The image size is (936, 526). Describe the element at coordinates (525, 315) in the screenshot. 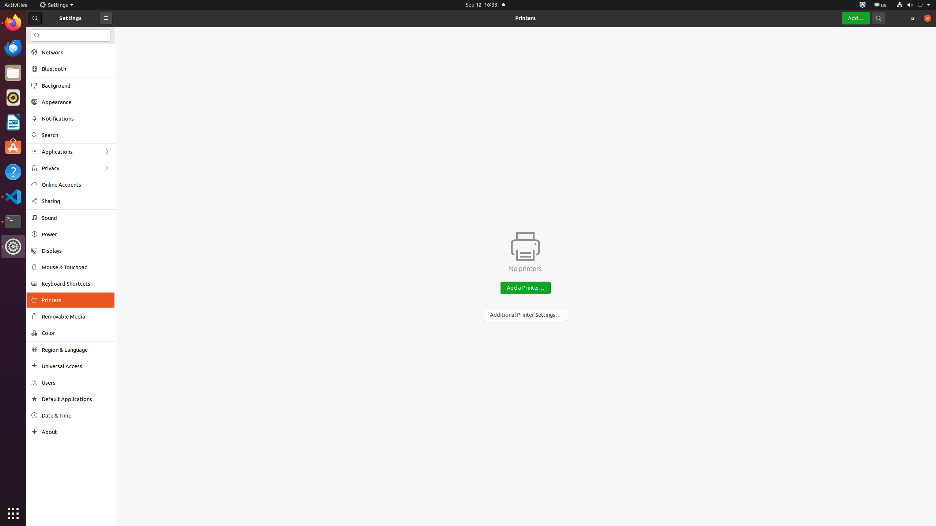

I see `'Additional Printer Settings…'` at that location.